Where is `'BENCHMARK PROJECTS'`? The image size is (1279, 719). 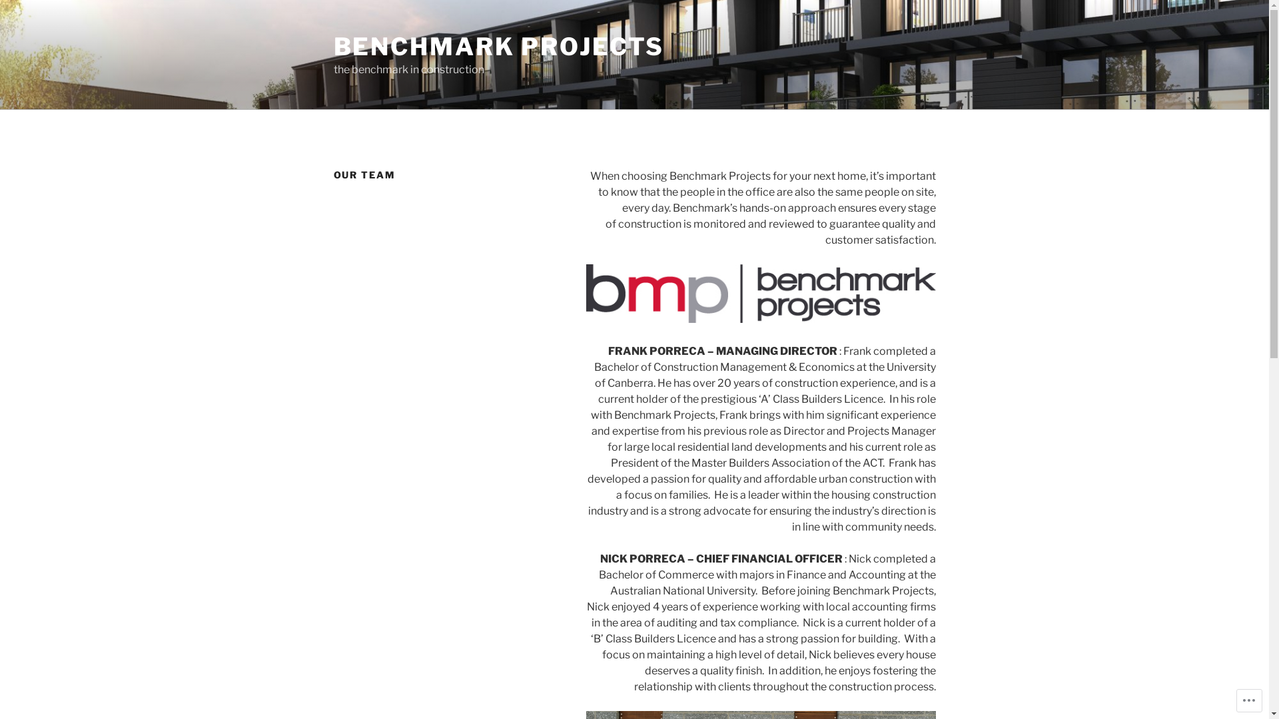 'BENCHMARK PROJECTS' is located at coordinates (498, 45).